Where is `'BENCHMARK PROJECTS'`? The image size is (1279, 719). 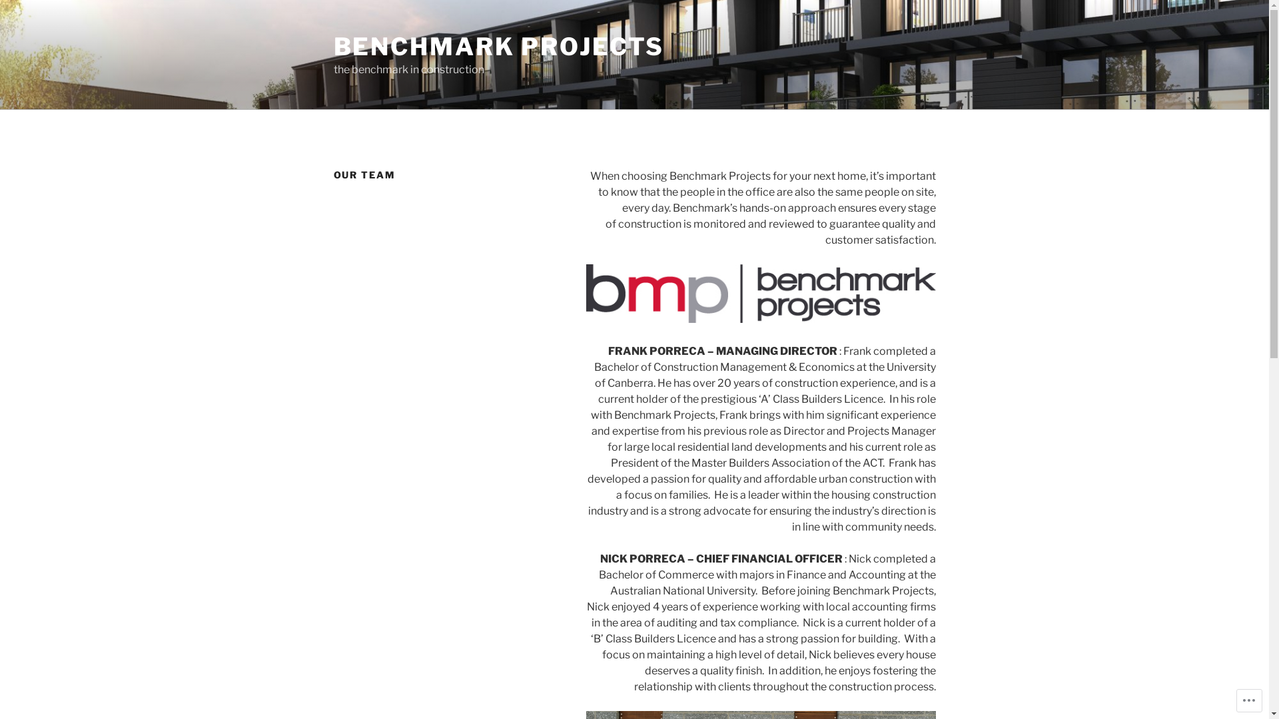 'BENCHMARK PROJECTS' is located at coordinates (498, 45).